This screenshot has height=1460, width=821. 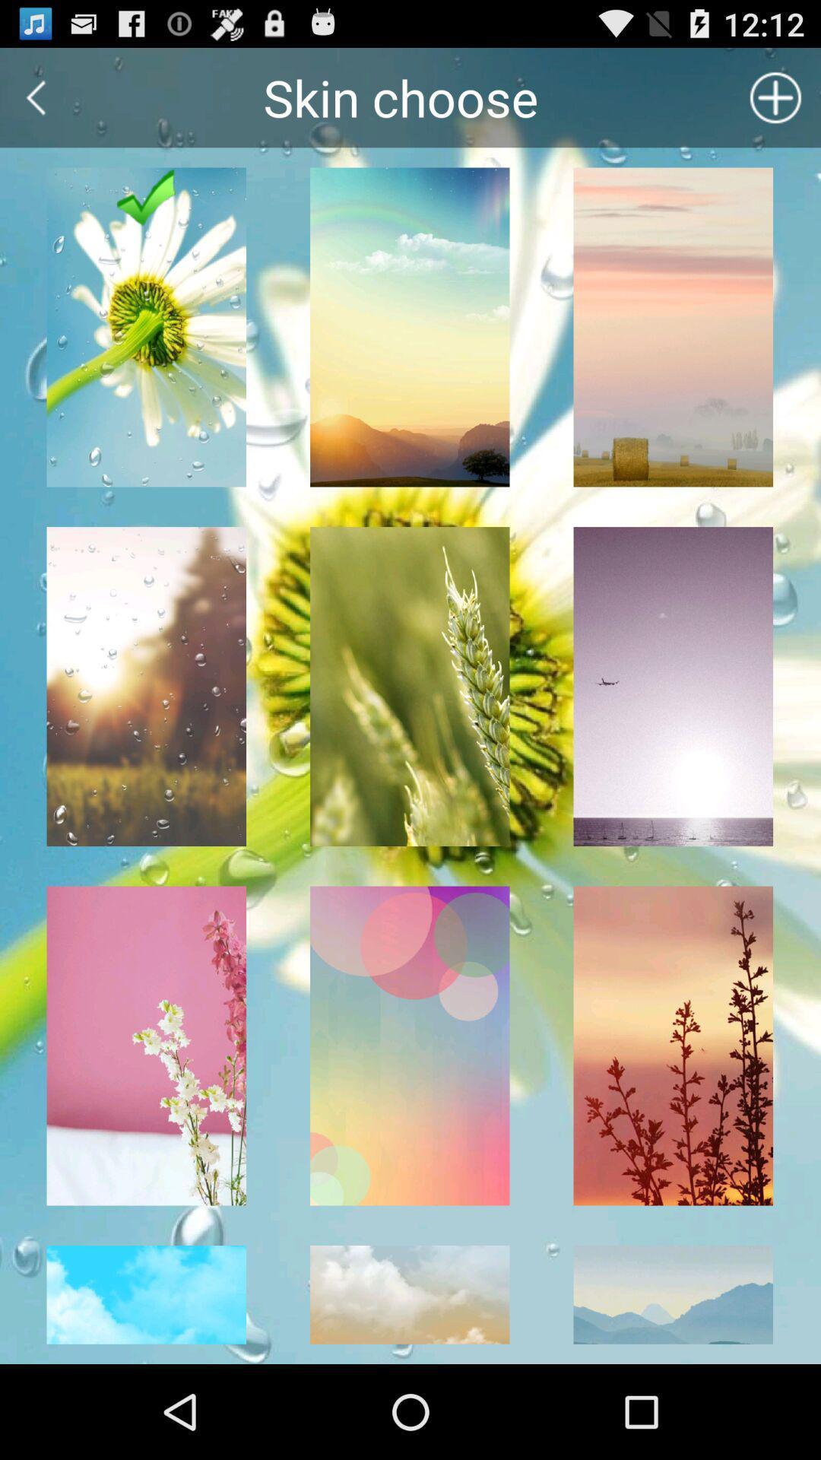 I want to click on the second row second image, so click(x=409, y=685).